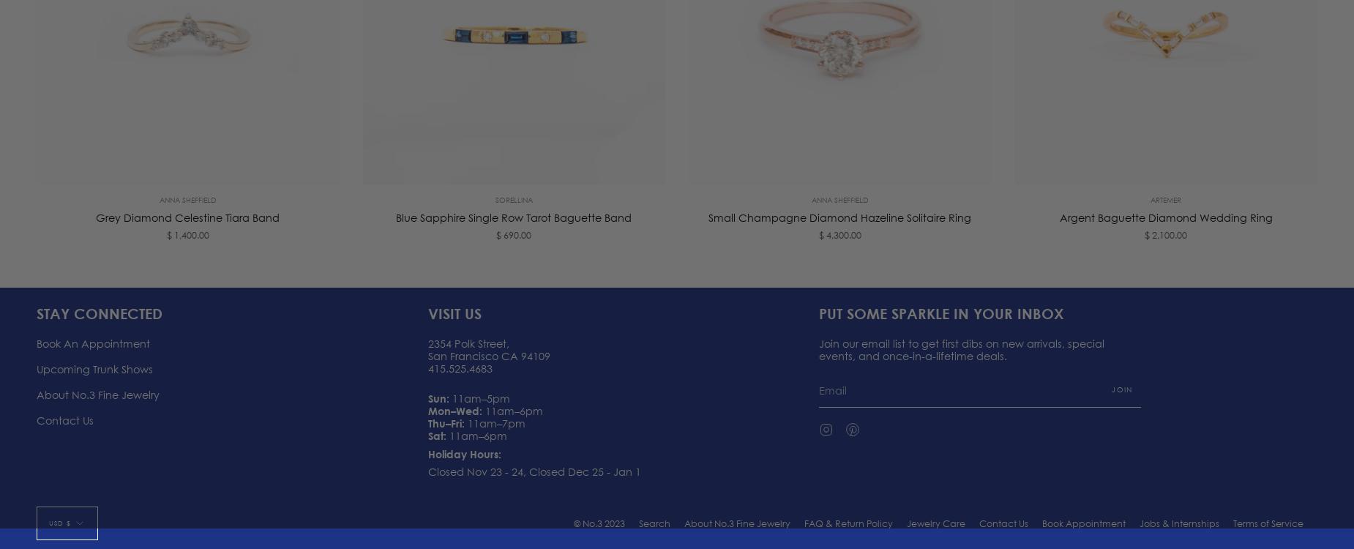  Describe the element at coordinates (1166, 71) in the screenshot. I see `'$ 2,100.00'` at that location.